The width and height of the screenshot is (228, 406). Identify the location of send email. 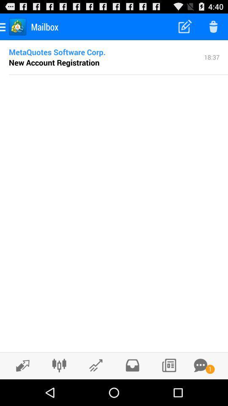
(95, 365).